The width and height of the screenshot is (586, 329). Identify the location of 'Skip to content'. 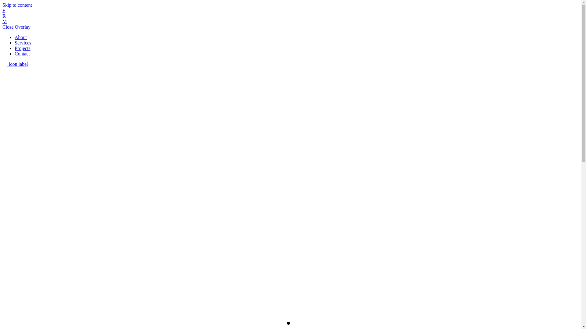
(2, 5).